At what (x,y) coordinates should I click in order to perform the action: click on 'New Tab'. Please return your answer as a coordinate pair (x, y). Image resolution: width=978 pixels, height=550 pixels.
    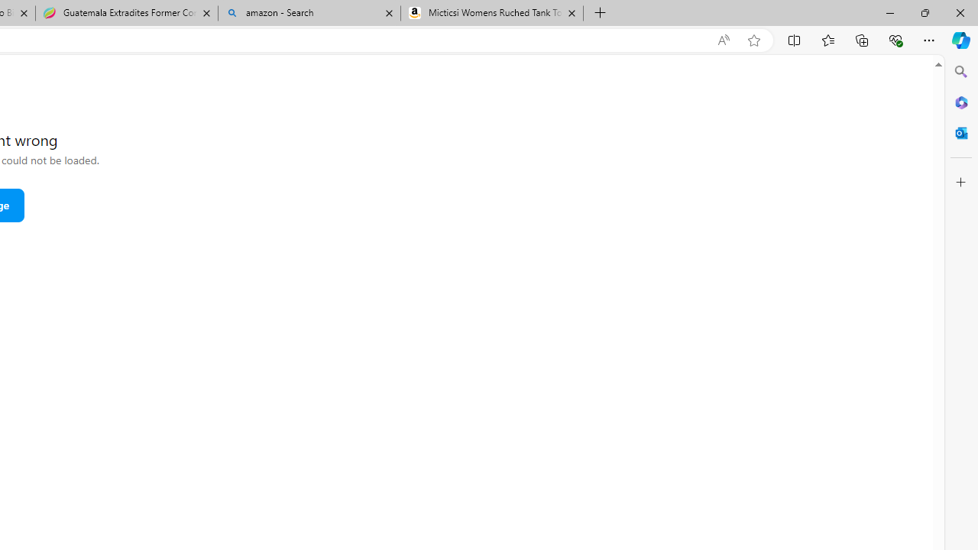
    Looking at the image, I should click on (599, 13).